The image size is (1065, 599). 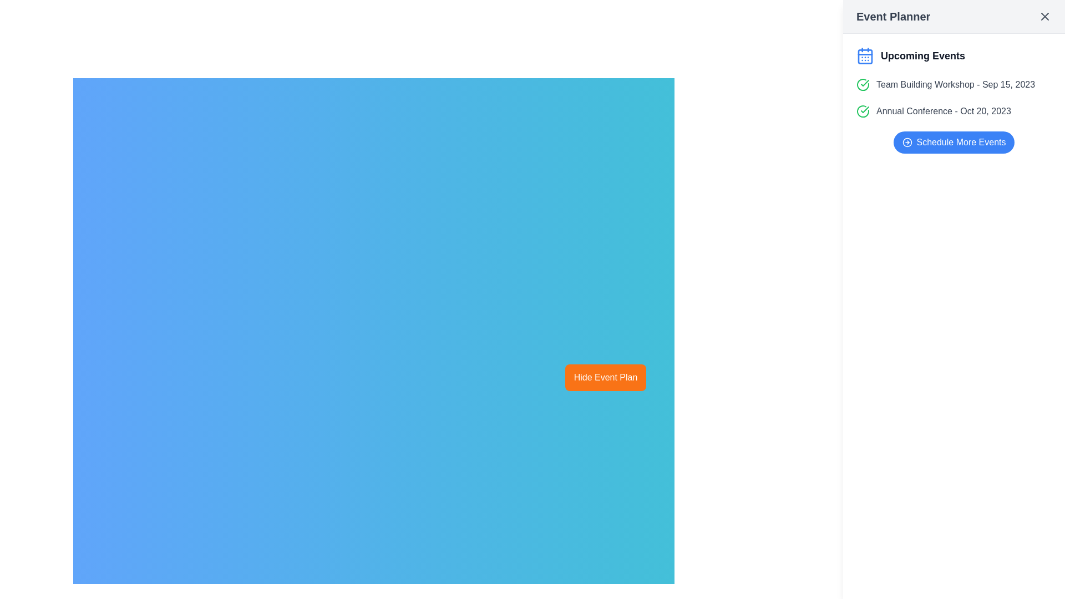 What do you see at coordinates (862, 84) in the screenshot?
I see `the green checkmark icon representing completion status at the beginning of the 'Team Building Workshop - Sep 15, 2023' row` at bounding box center [862, 84].